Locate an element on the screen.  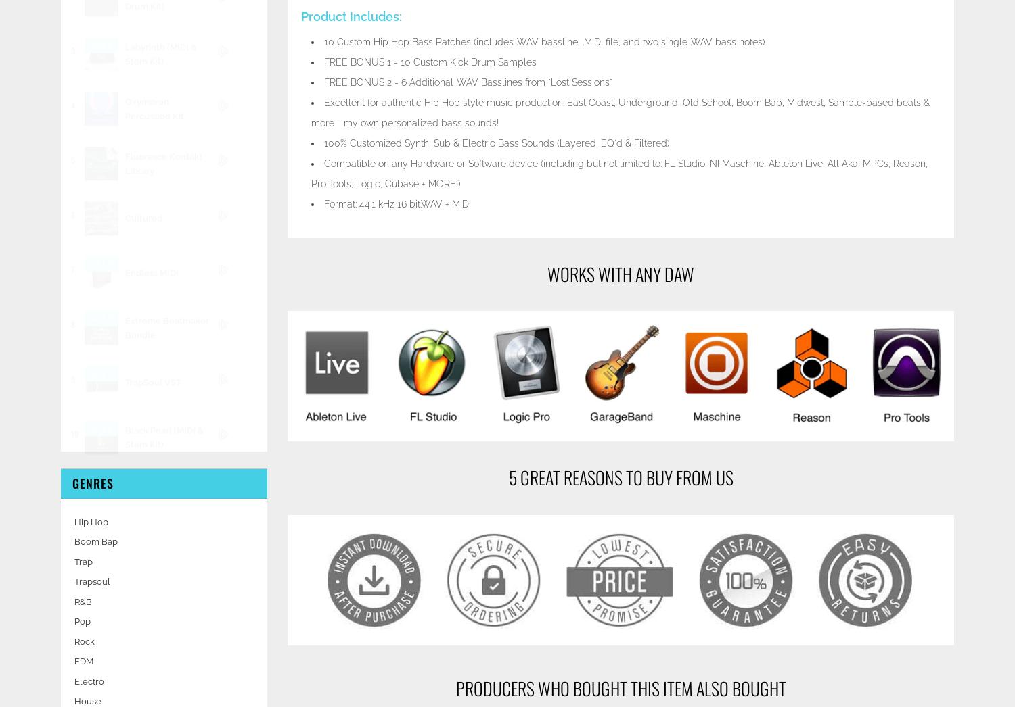
'Endless MIDI' is located at coordinates (151, 260).